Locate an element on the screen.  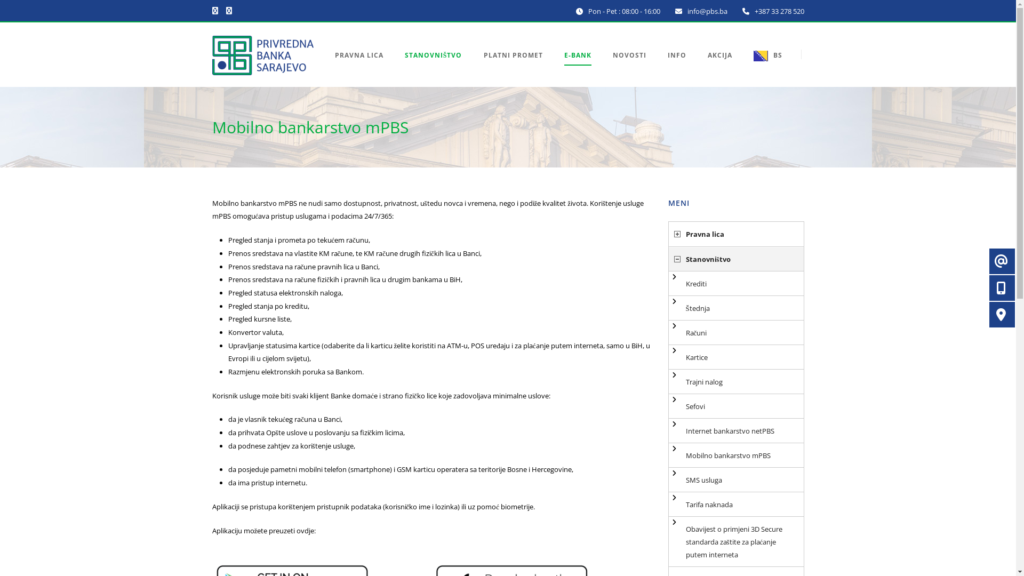
'E-BANK' is located at coordinates (577, 68).